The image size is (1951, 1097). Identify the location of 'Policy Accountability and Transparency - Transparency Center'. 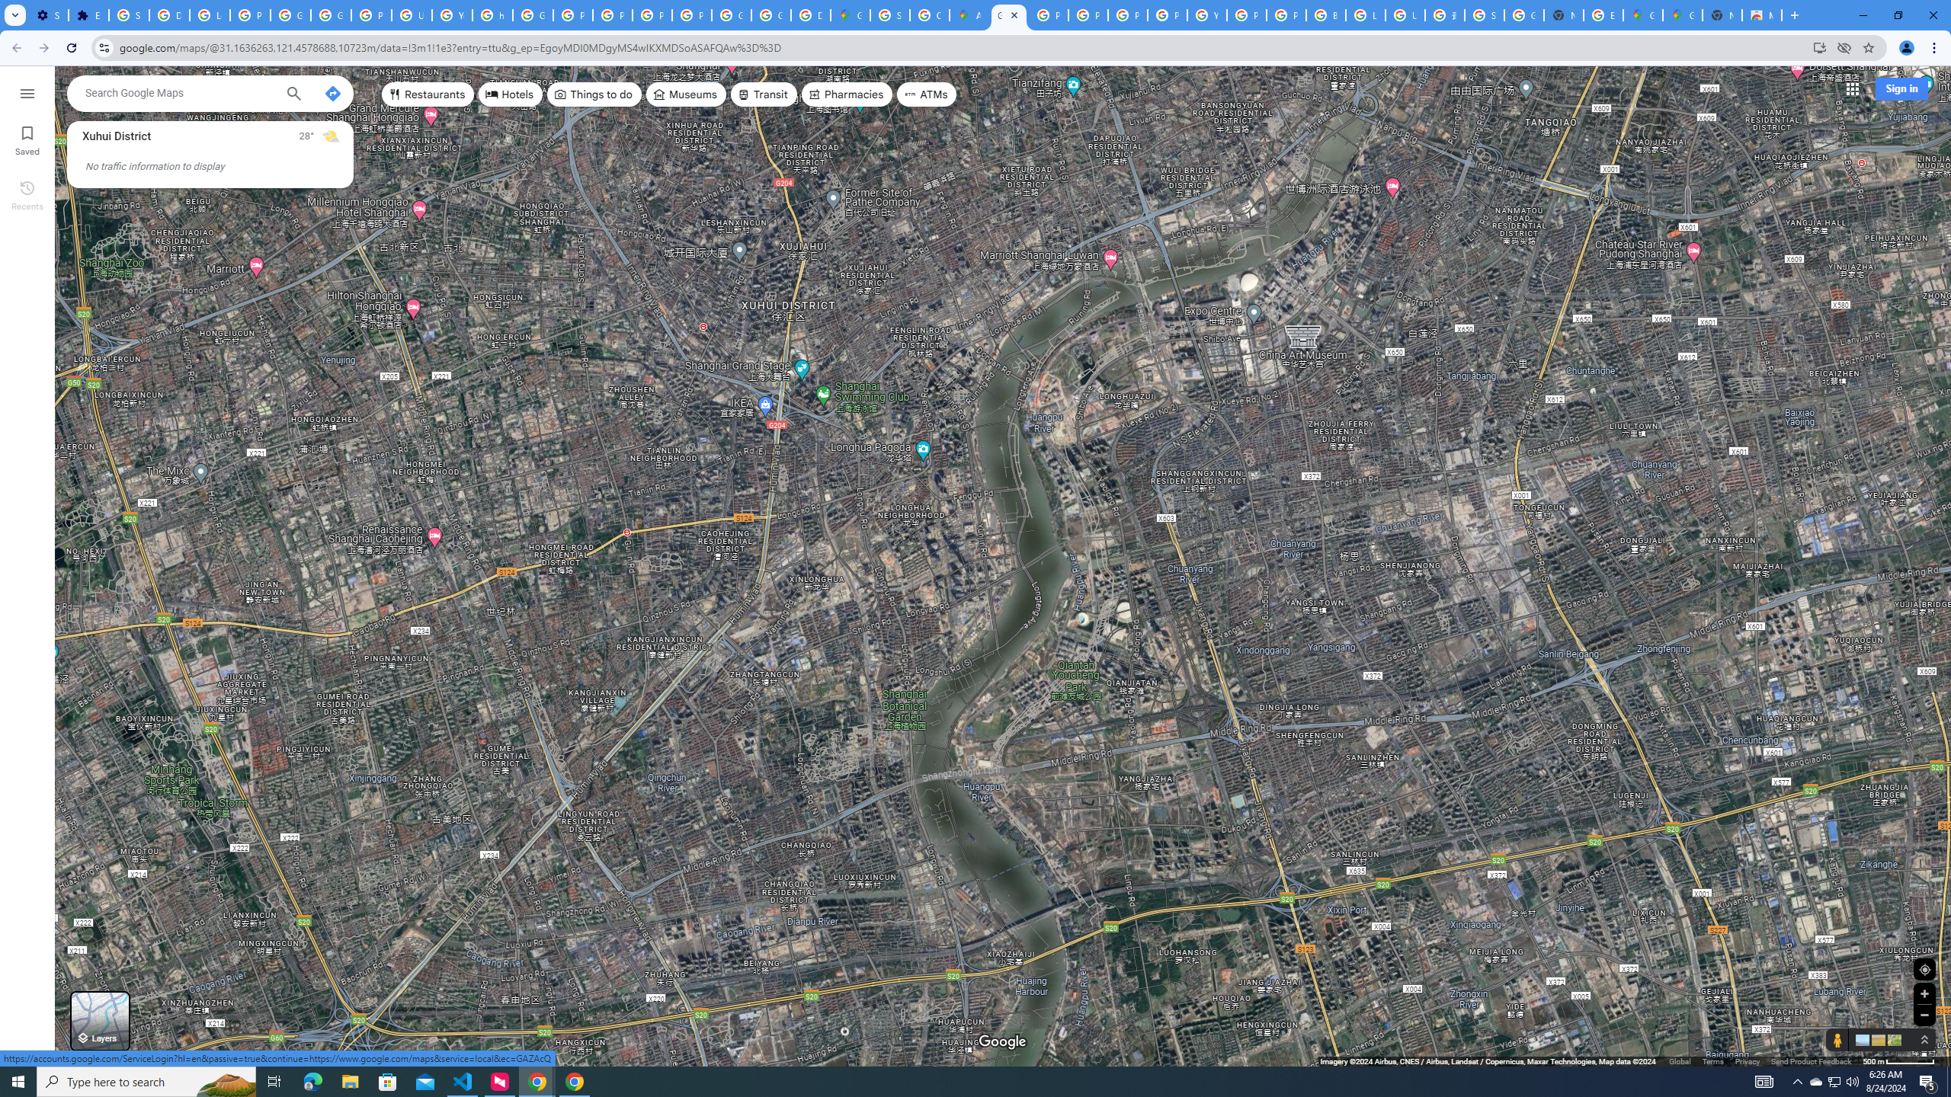
(1048, 14).